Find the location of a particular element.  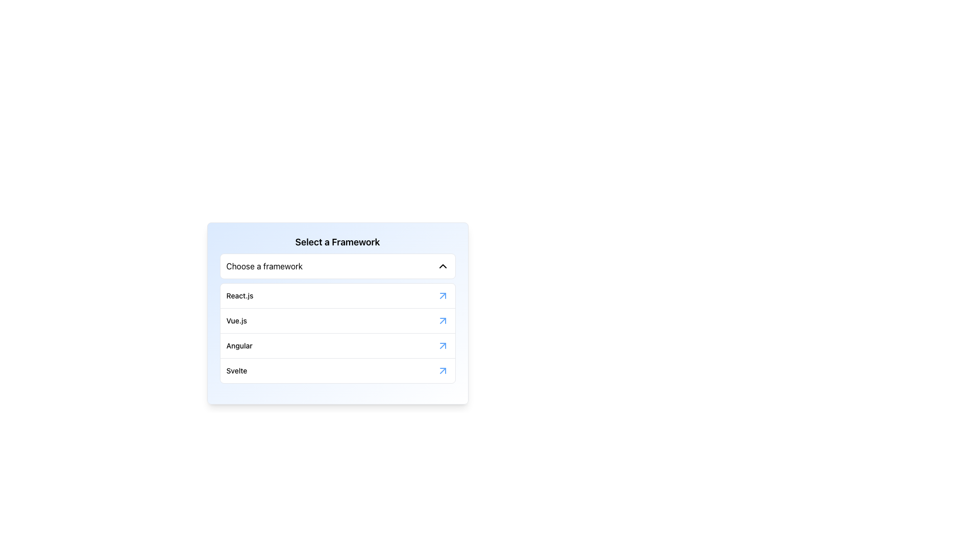

the 'Svelte' option in the selectable list within the dropdown menu labeled 'Select a Framework' is located at coordinates (337, 370).